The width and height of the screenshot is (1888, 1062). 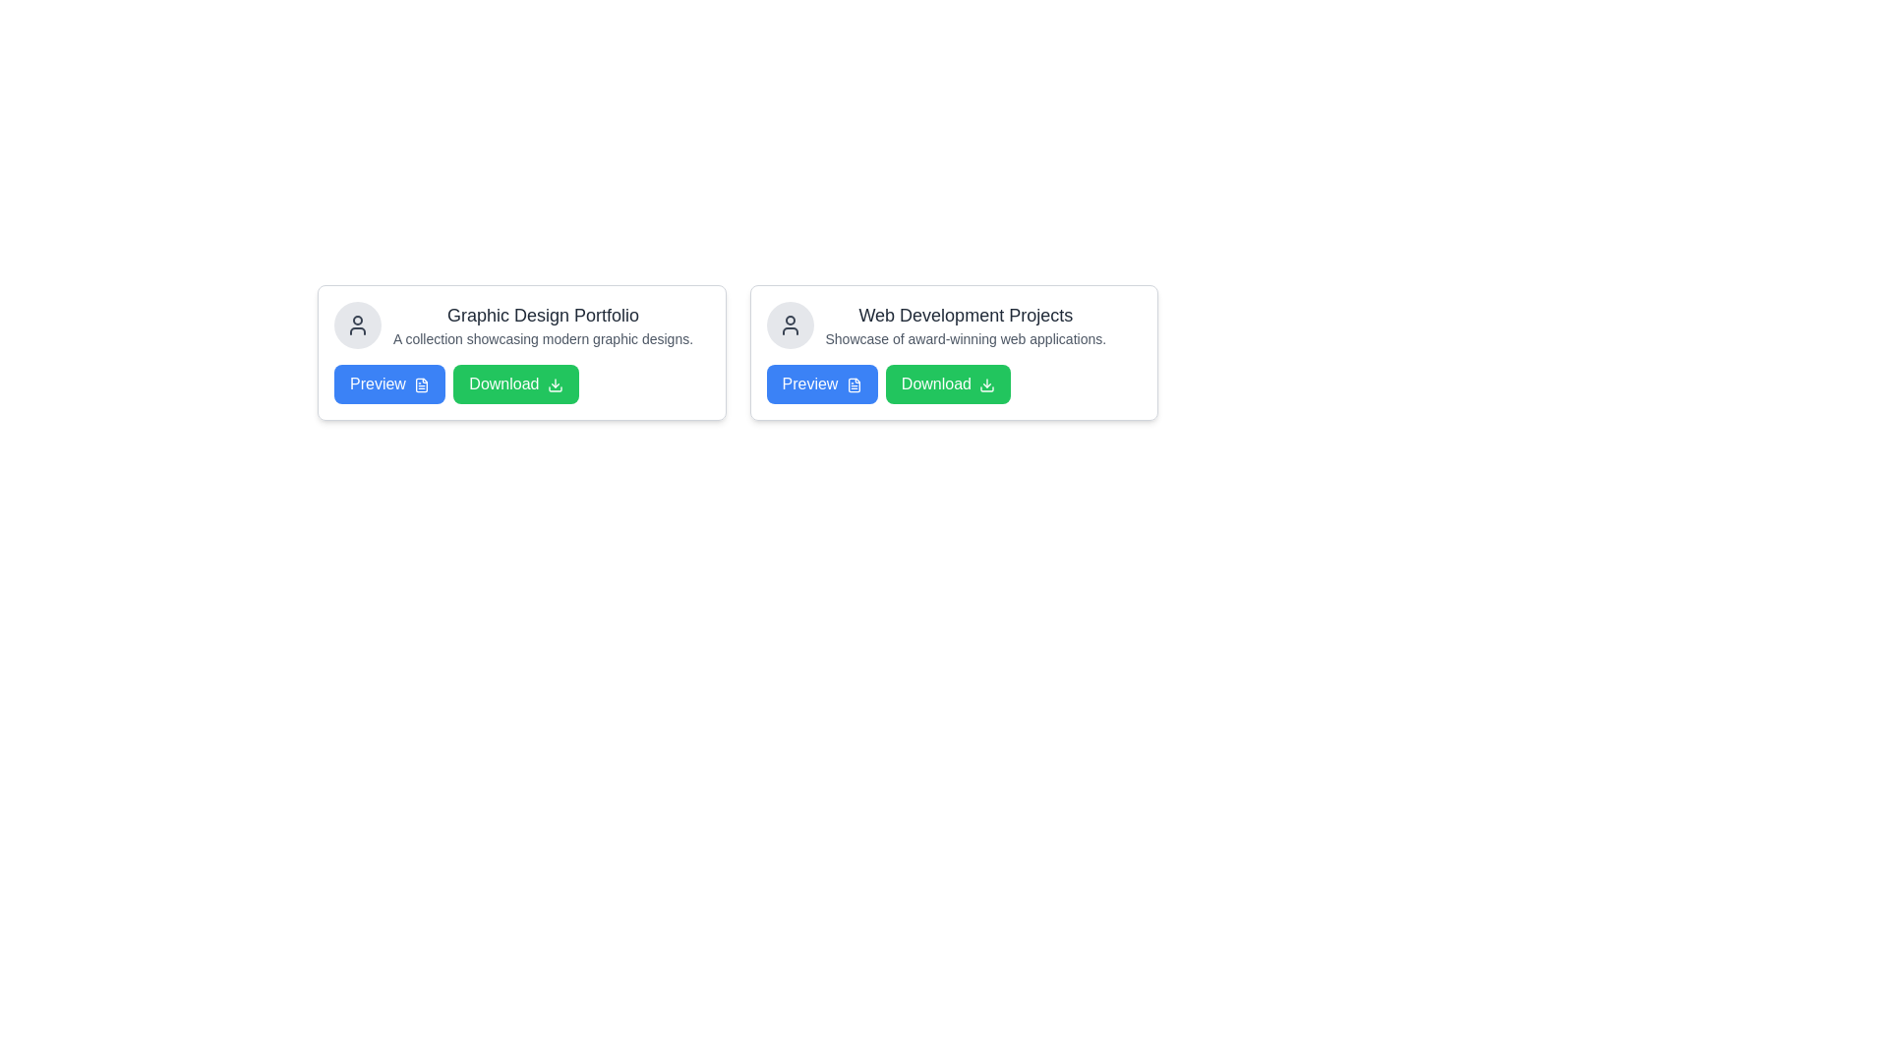 What do you see at coordinates (521, 351) in the screenshot?
I see `the 'Download' button on the resource card showcasing a graphic design portfolio located at the top-left region of the grid layout` at bounding box center [521, 351].